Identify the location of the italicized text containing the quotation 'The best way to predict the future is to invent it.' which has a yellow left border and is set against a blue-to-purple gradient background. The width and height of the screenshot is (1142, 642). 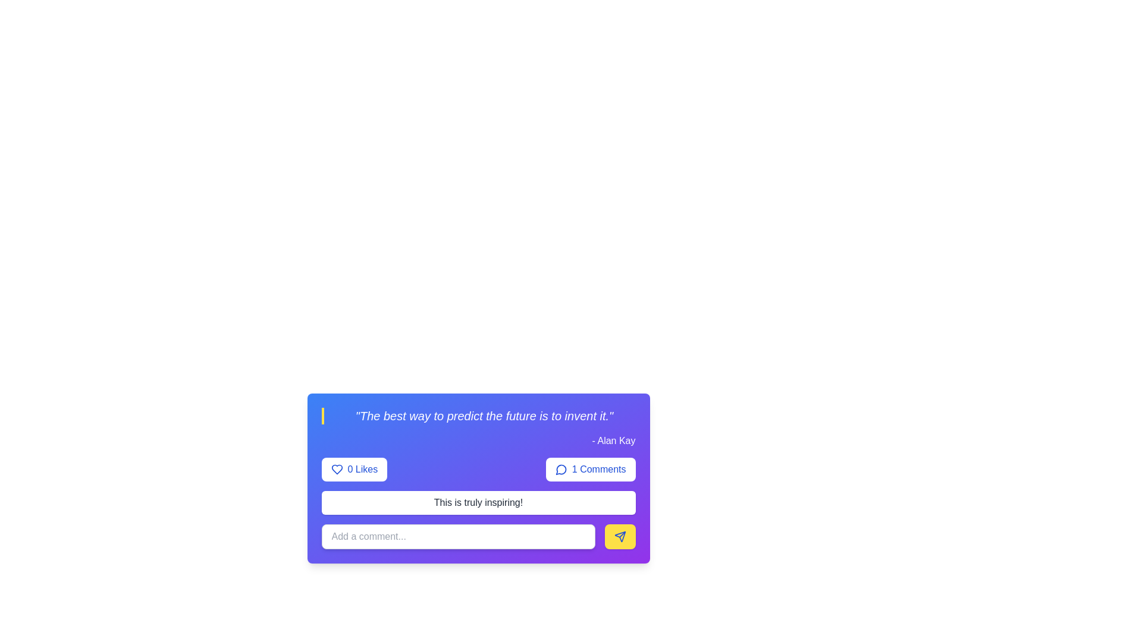
(478, 415).